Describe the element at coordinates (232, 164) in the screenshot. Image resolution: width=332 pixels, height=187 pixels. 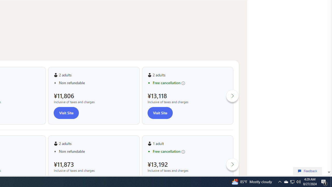
I see `'Click to scroll right'` at that location.